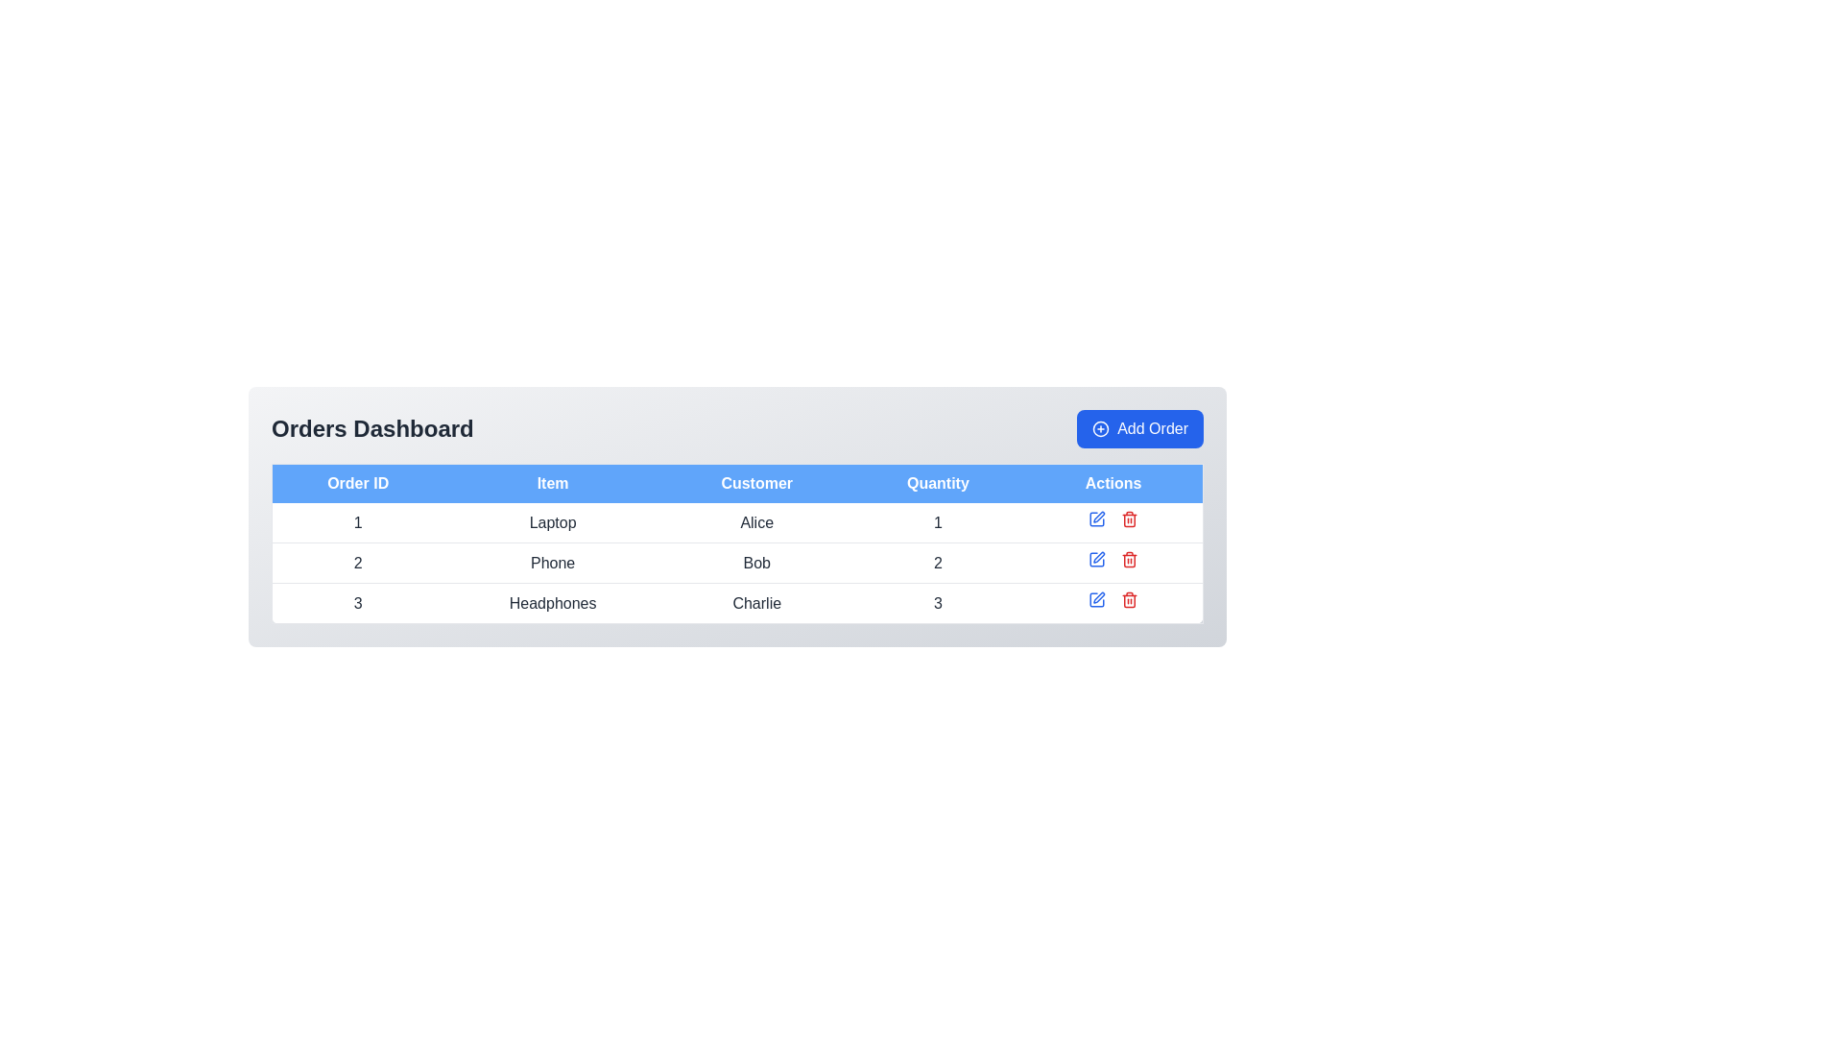  Describe the element at coordinates (552, 562) in the screenshot. I see `the 'Phone' static text element in the second row of the order details table for potential interactions` at that location.